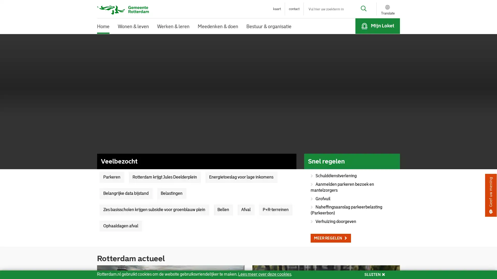  I want to click on SLUITEN, so click(375, 274).